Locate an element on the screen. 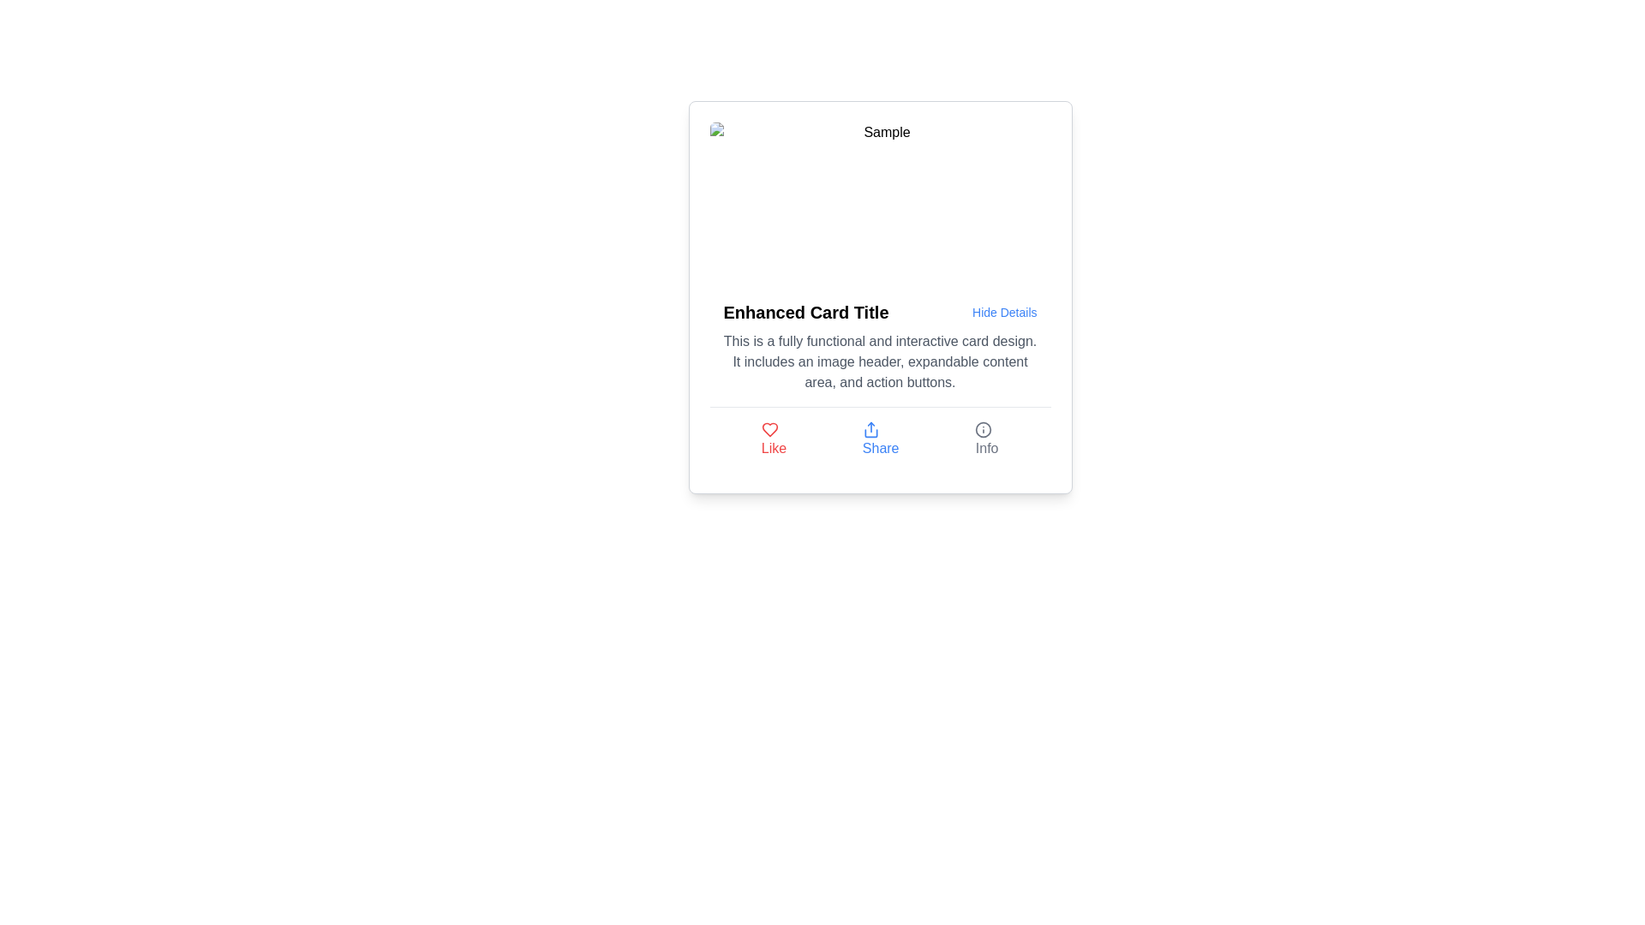 Image resolution: width=1645 pixels, height=925 pixels. the 'Share' button located between the 'Like' and 'Info' buttons in the horizontal action bar to share the card content is located at coordinates (881, 439).